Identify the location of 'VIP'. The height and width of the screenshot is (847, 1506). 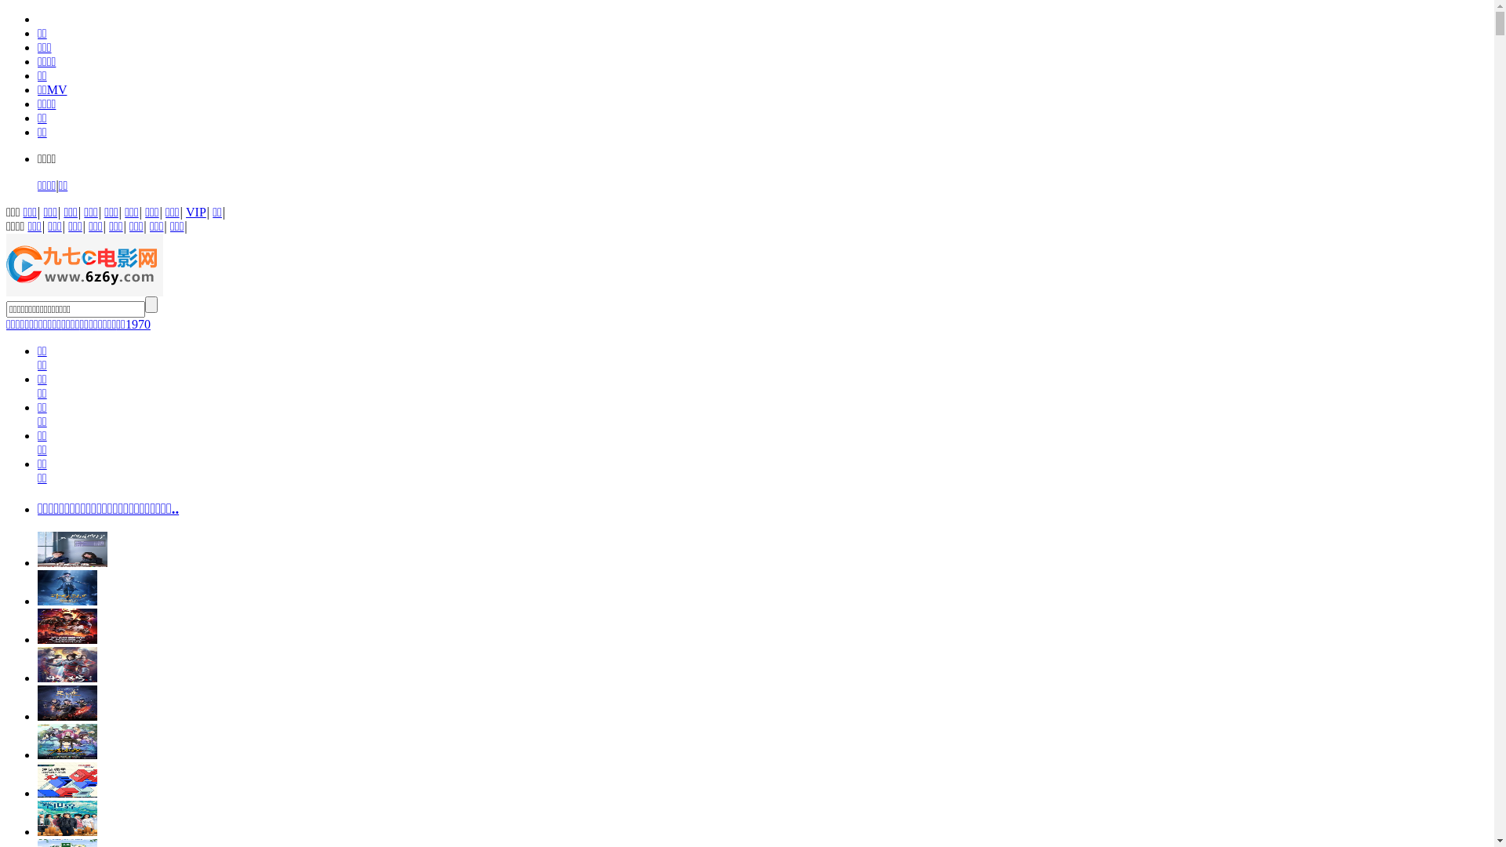
(195, 212).